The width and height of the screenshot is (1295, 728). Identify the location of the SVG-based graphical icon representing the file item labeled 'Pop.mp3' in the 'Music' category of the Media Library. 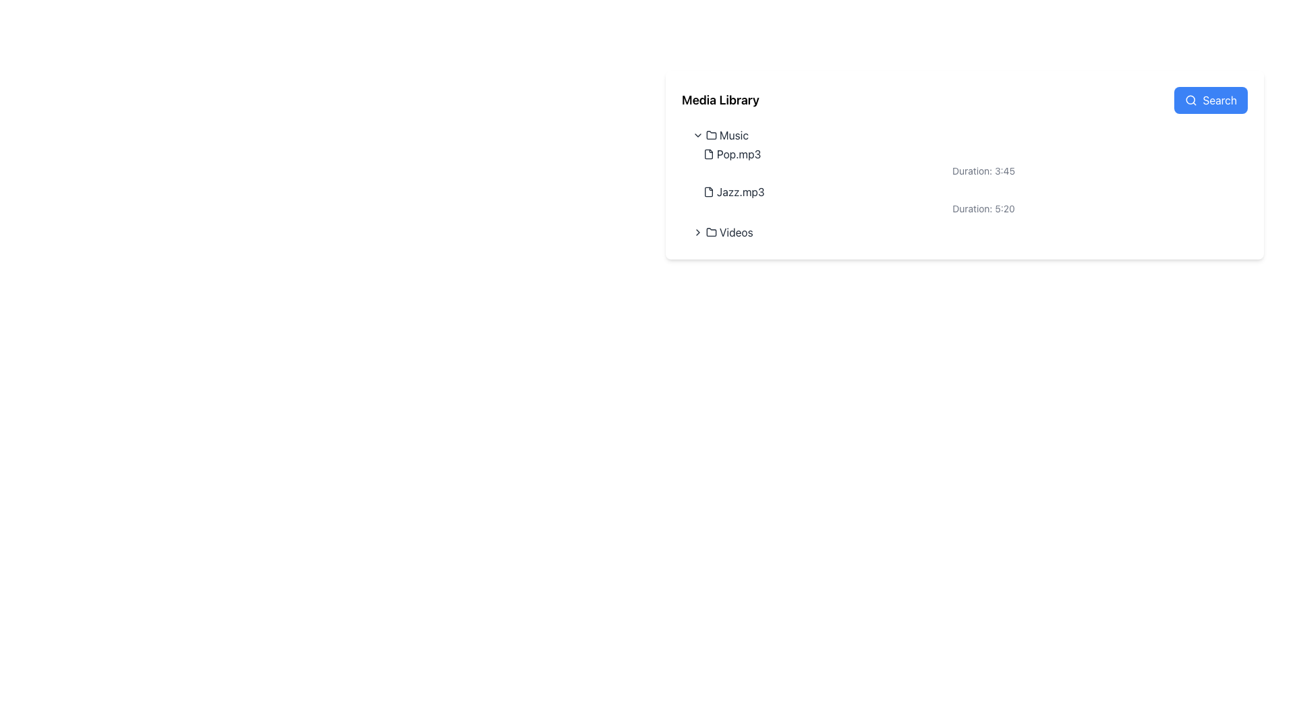
(708, 153).